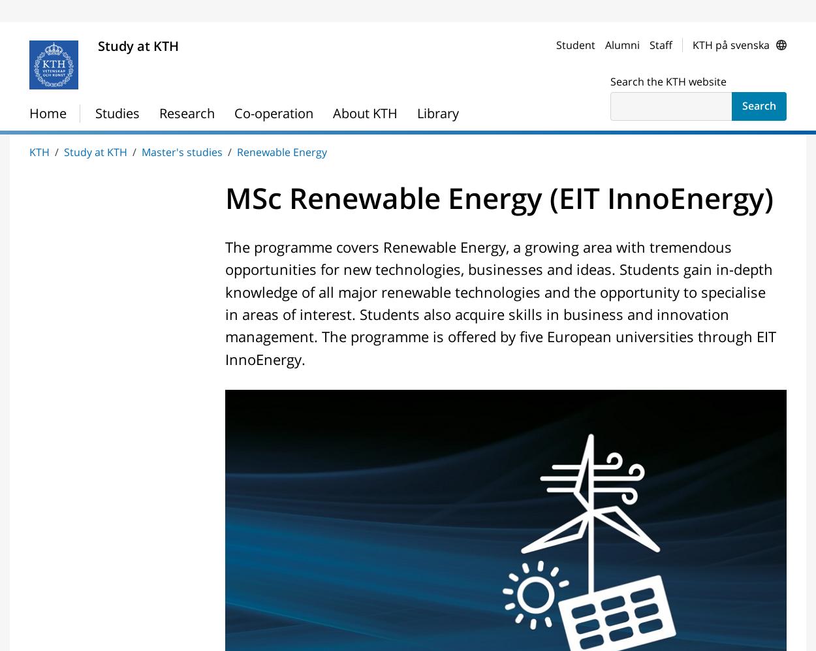 The height and width of the screenshot is (651, 816). I want to click on 'Why KTH?', so click(29, 165).